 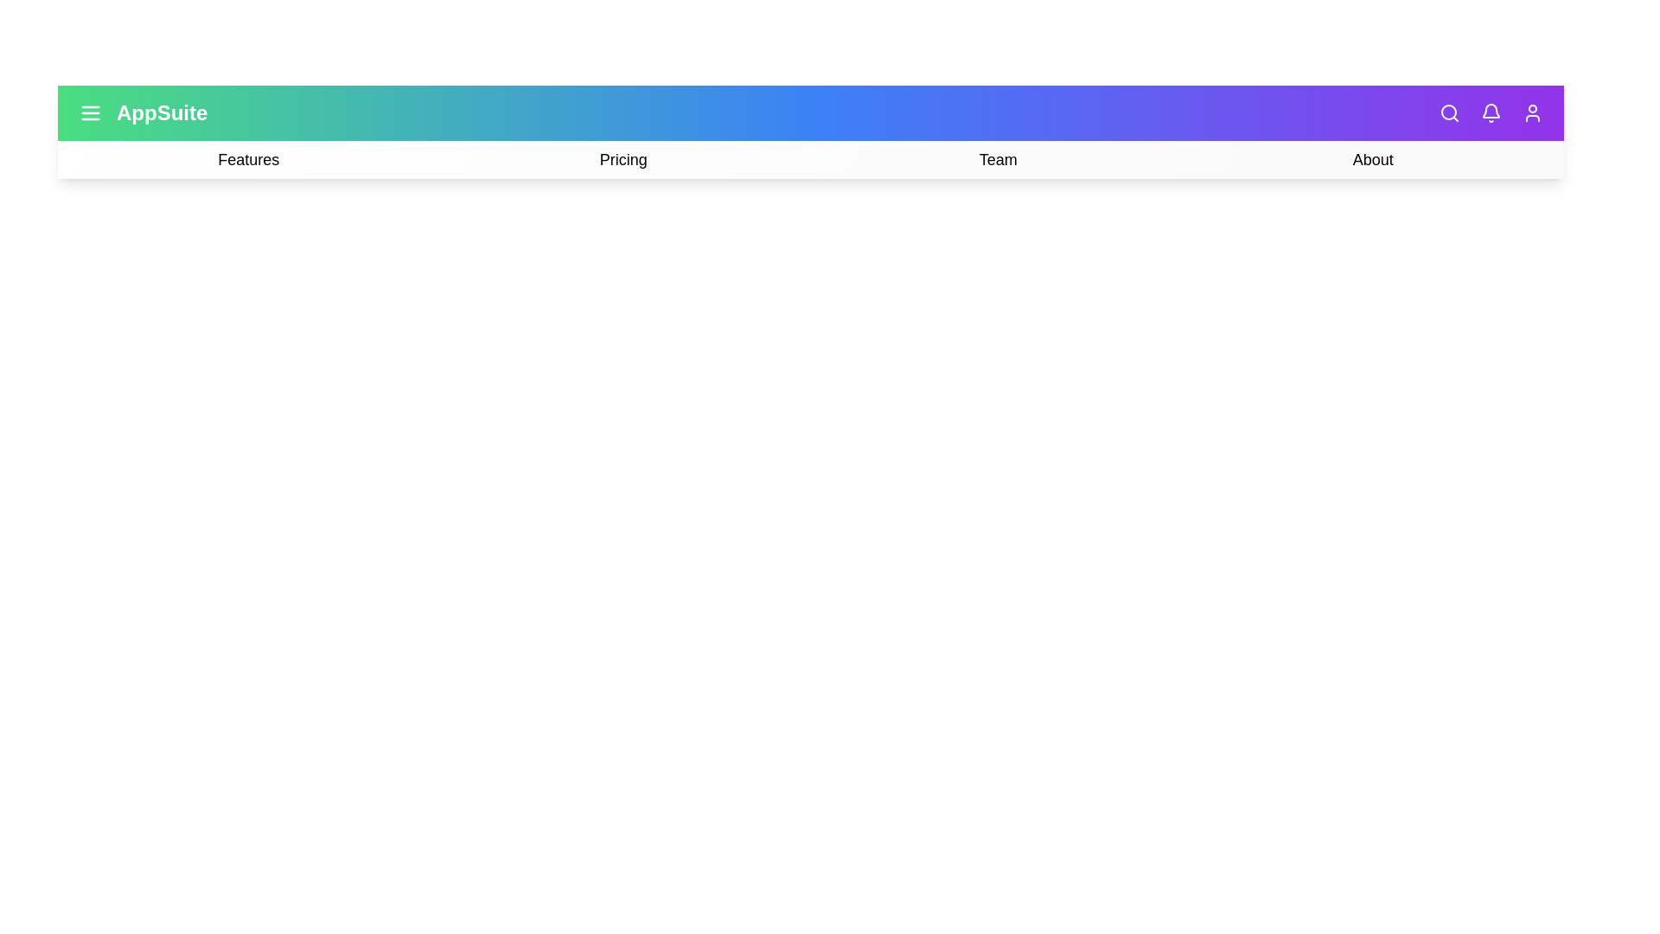 I want to click on the 'About' option in the navigation bar, so click(x=1372, y=160).